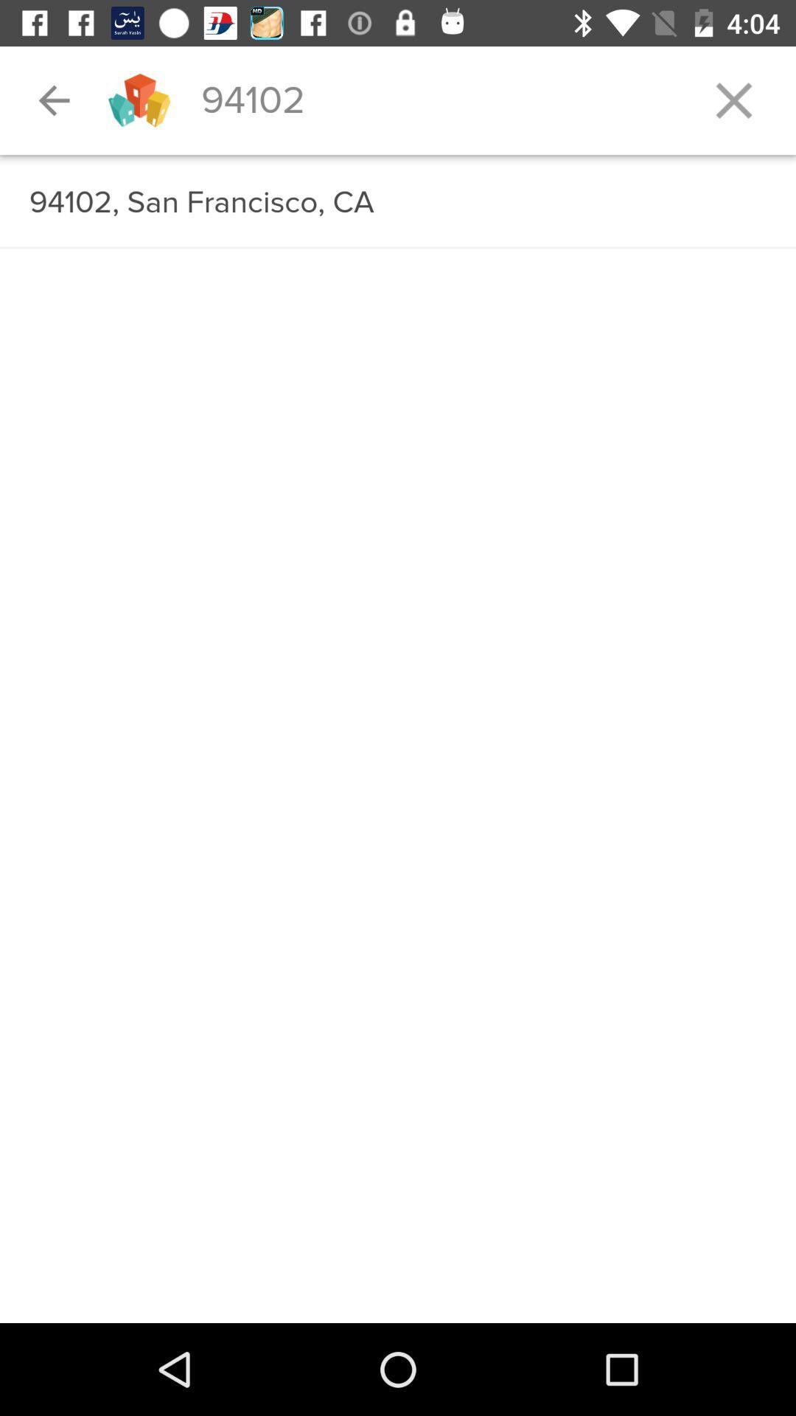 The height and width of the screenshot is (1416, 796). I want to click on icon to the right of 94102, so click(733, 100).